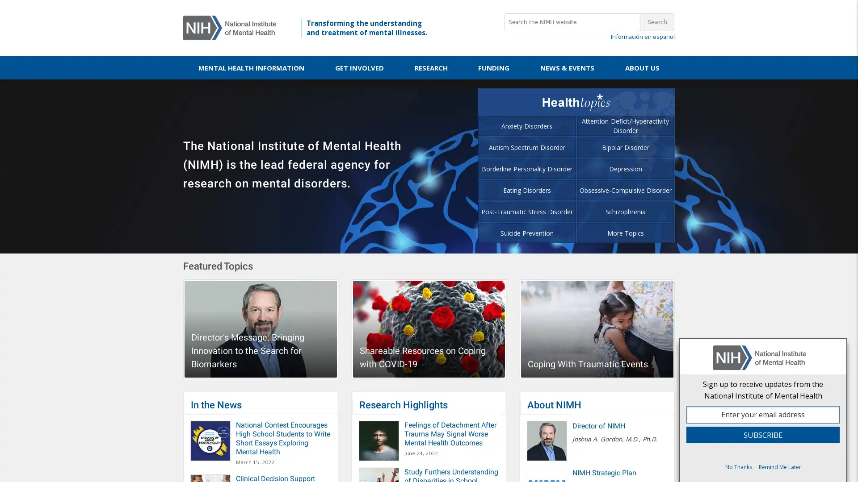  I want to click on Subscribe, so click(762, 434).